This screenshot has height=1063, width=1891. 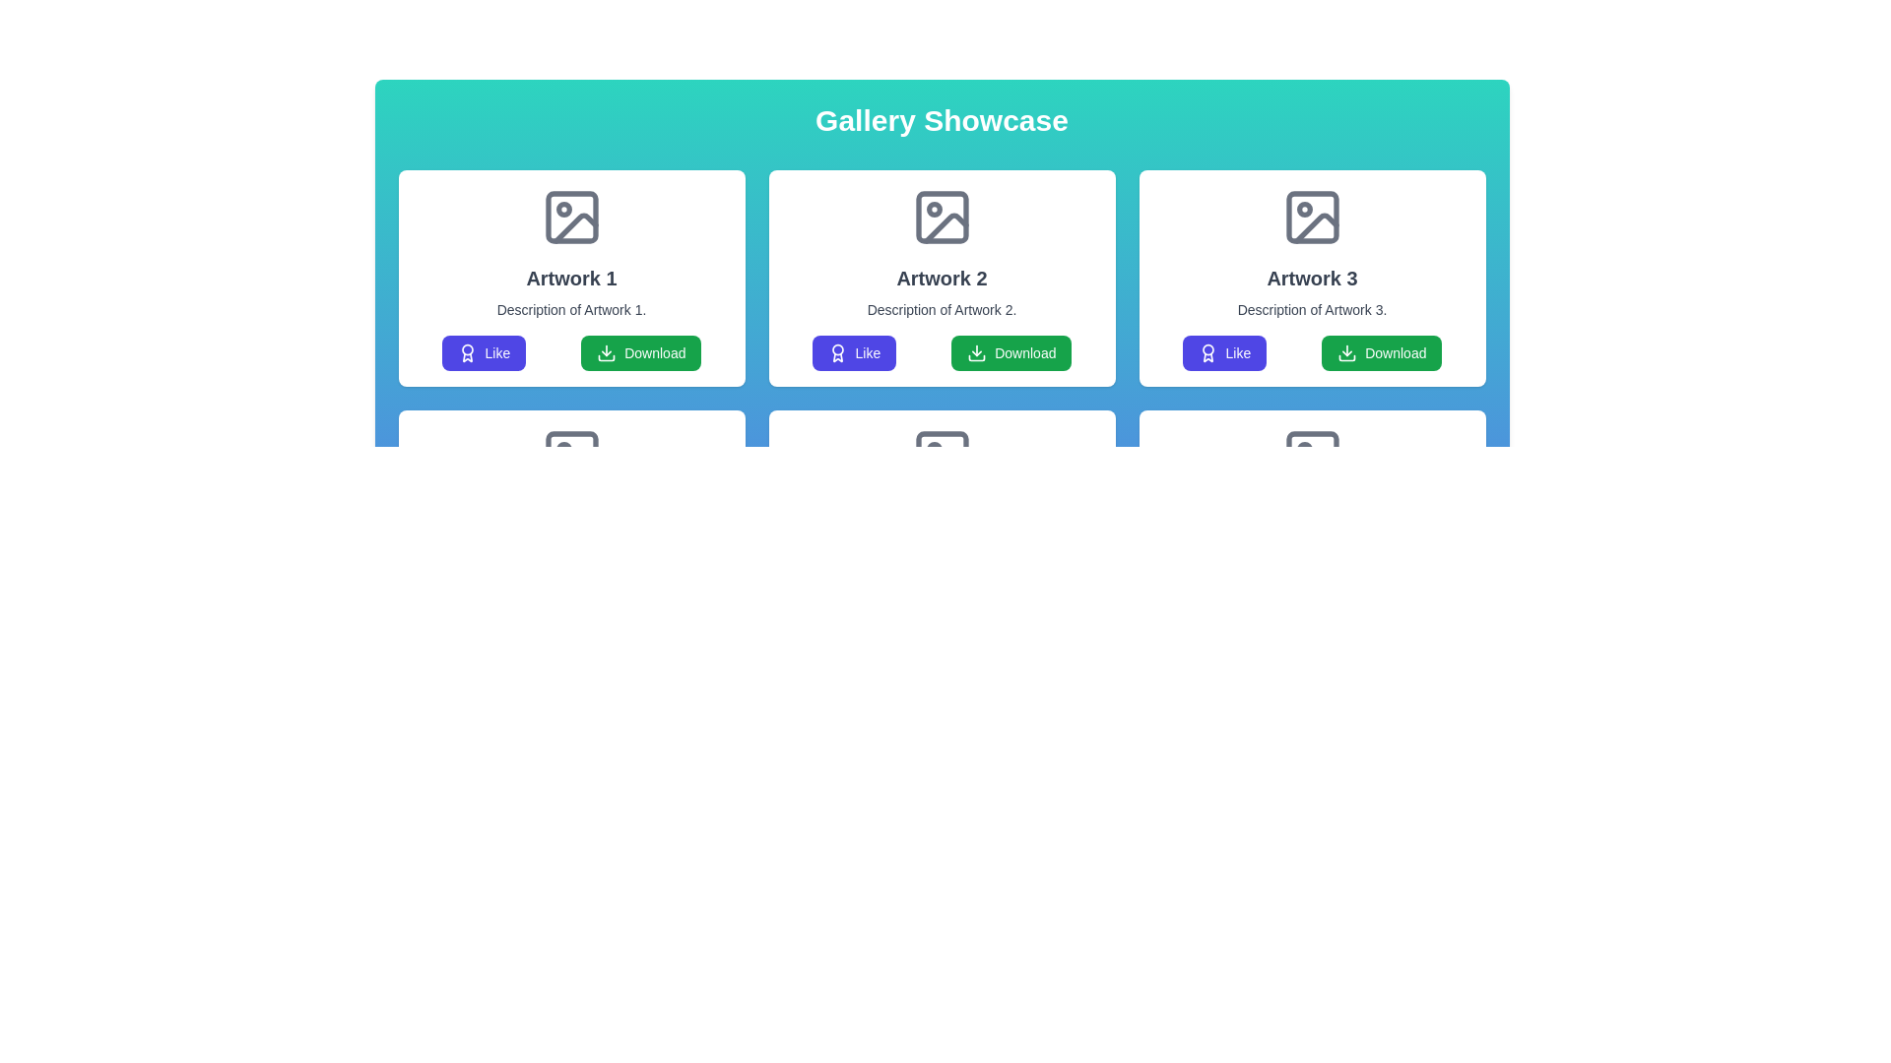 What do you see at coordinates (570, 217) in the screenshot?
I see `the small, square-shaped Decorative graphic component with rounded corners and a light gray border located in the top-left corner of the 'Artwork 1' gallery card` at bounding box center [570, 217].